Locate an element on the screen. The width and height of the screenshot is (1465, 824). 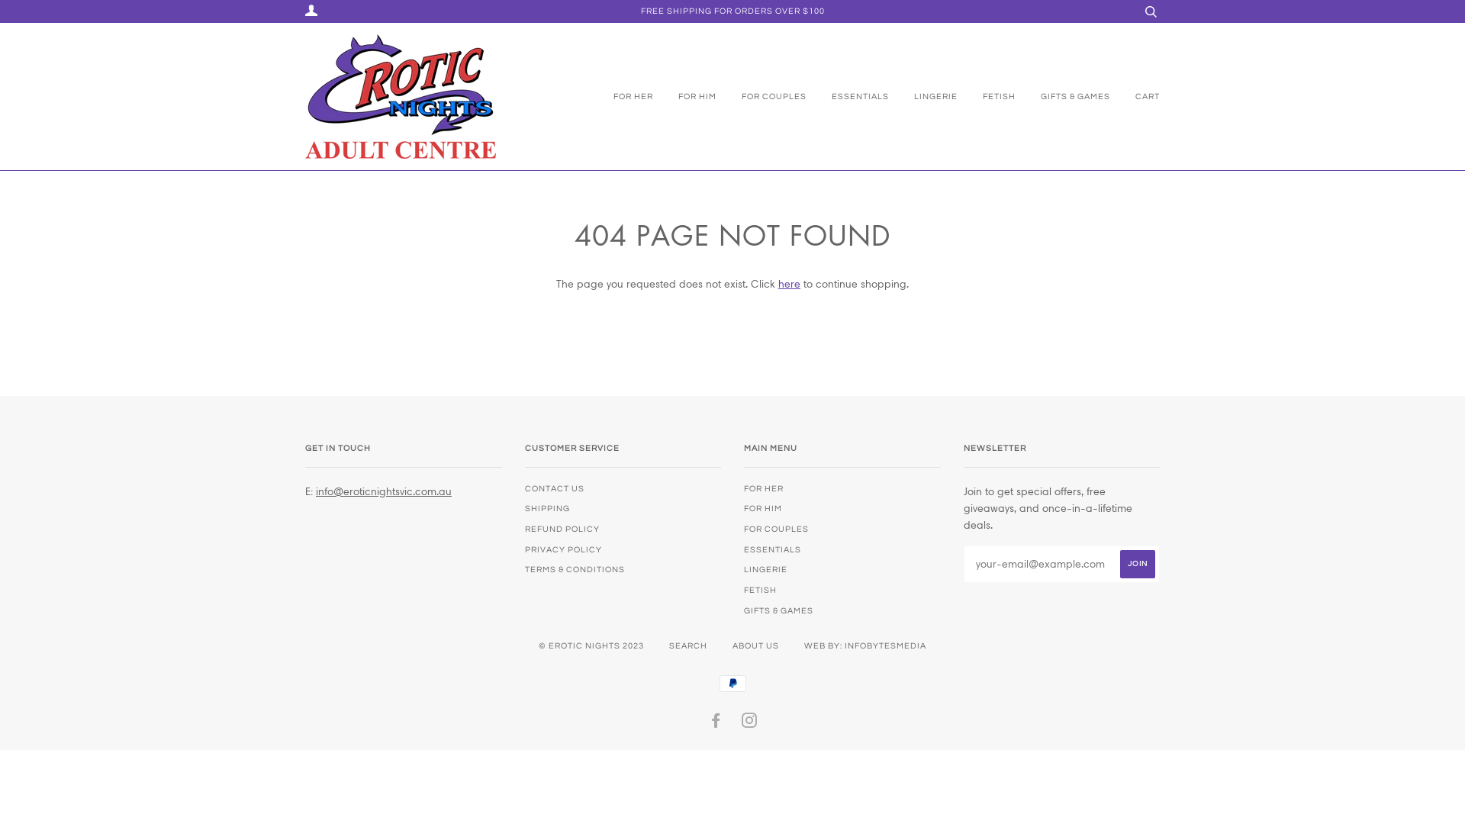
'CONTACT US' is located at coordinates (553, 488).